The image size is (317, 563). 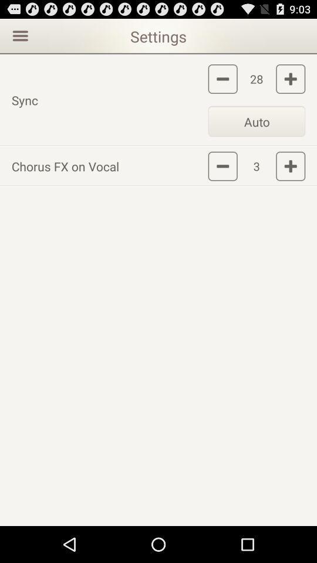 I want to click on the item above the sync icon, so click(x=18, y=35).